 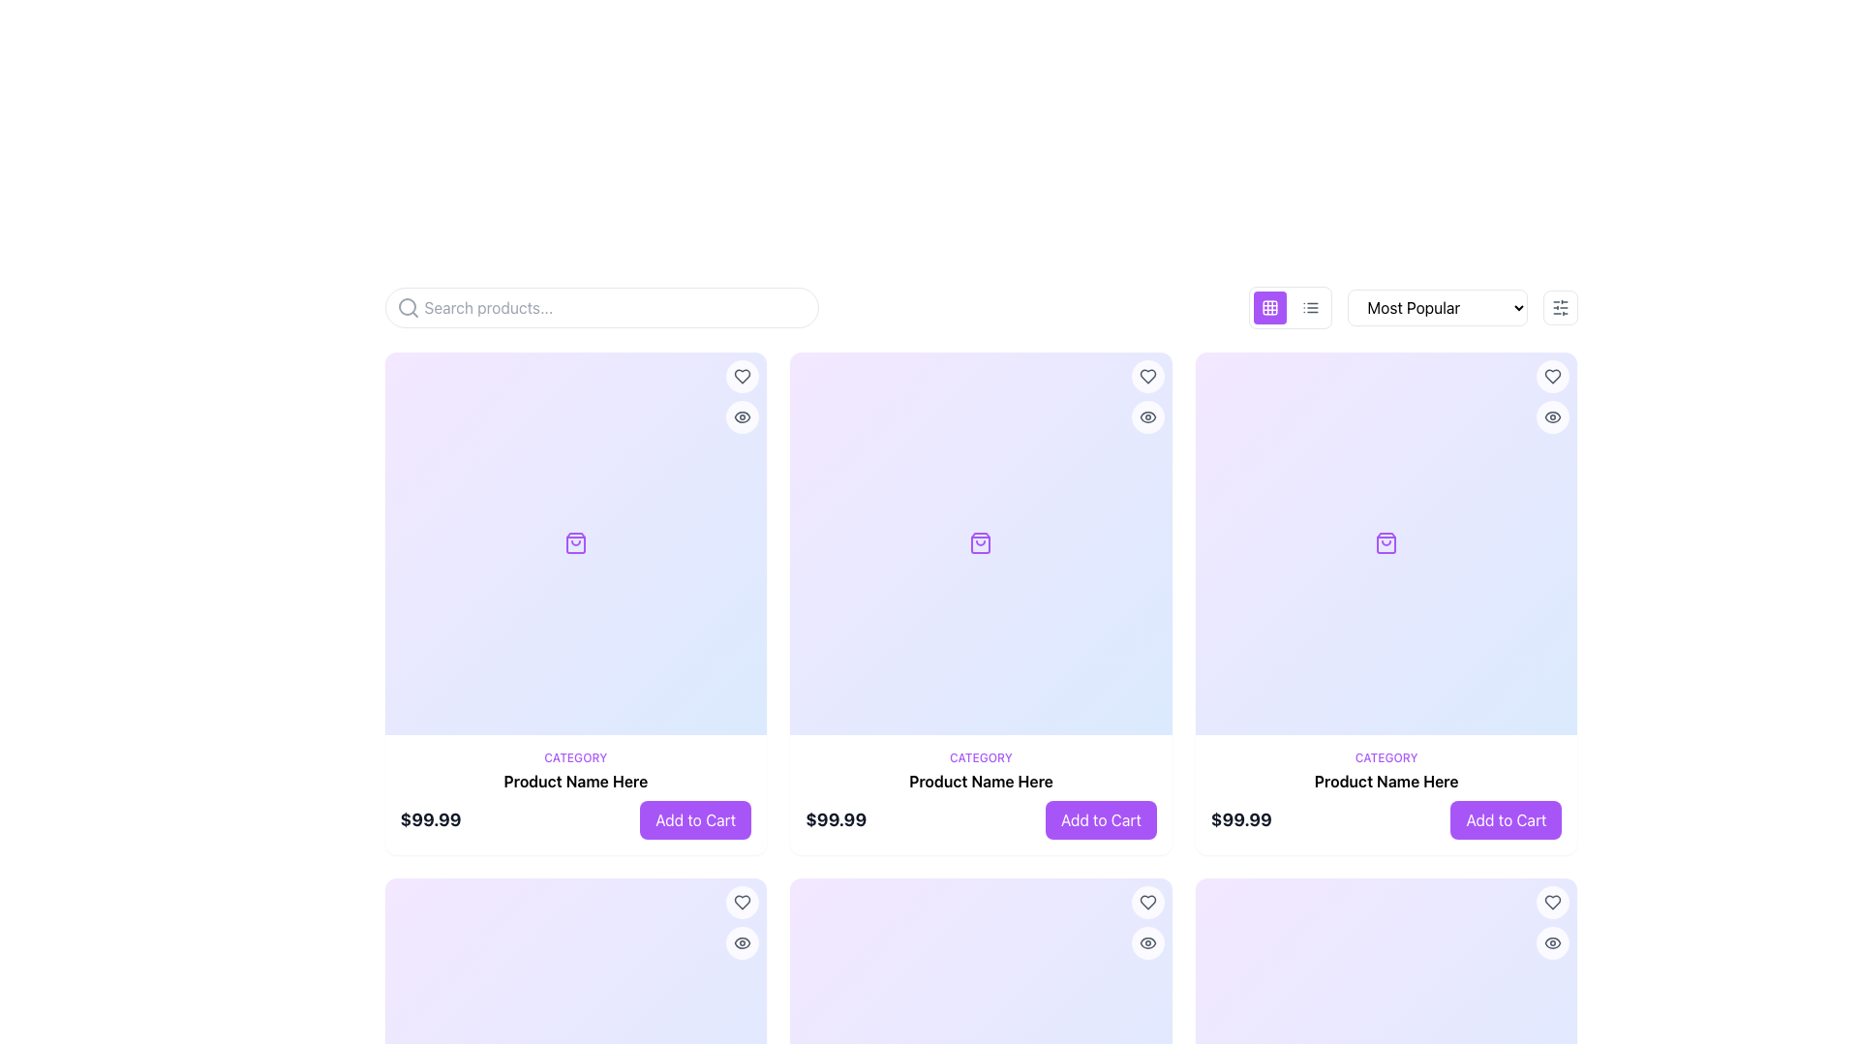 What do you see at coordinates (742, 902) in the screenshot?
I see `the circular button with a heart icon in the top-right corner of the overlay on the product card` at bounding box center [742, 902].